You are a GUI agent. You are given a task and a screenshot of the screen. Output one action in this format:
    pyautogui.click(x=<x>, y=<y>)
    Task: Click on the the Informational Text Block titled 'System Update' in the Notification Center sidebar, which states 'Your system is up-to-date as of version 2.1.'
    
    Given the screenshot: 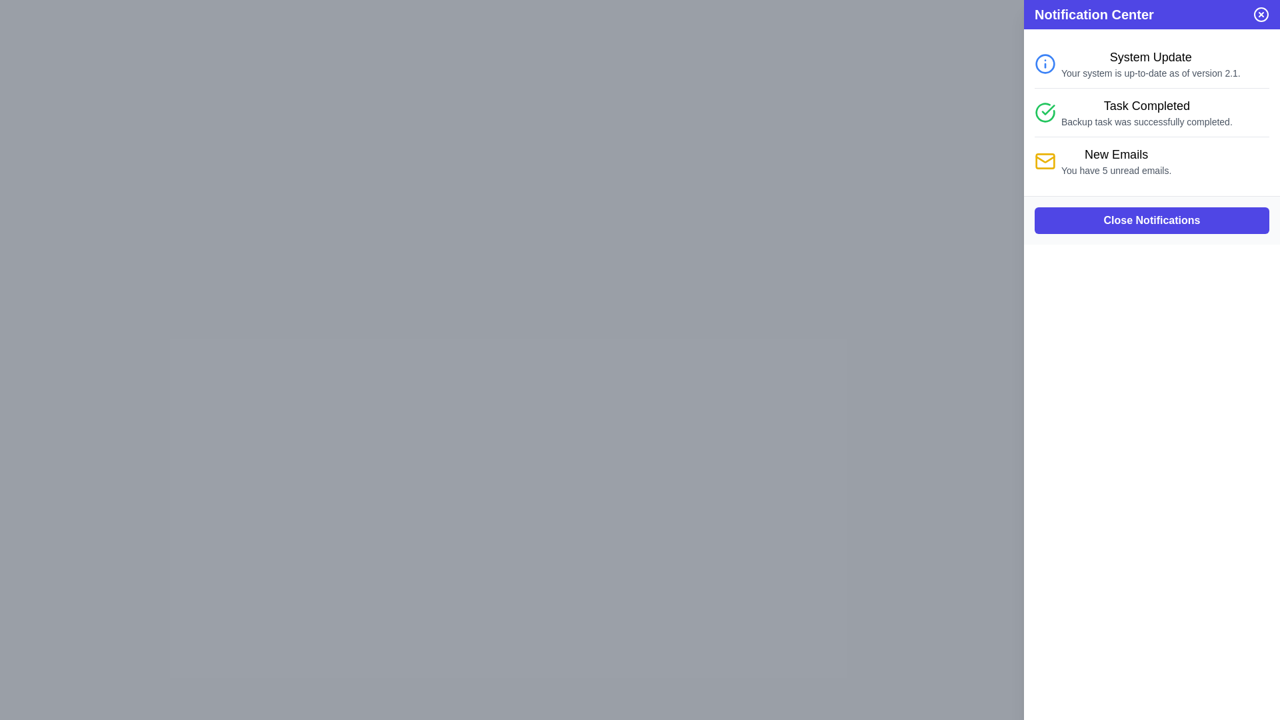 What is the action you would take?
    pyautogui.click(x=1150, y=64)
    